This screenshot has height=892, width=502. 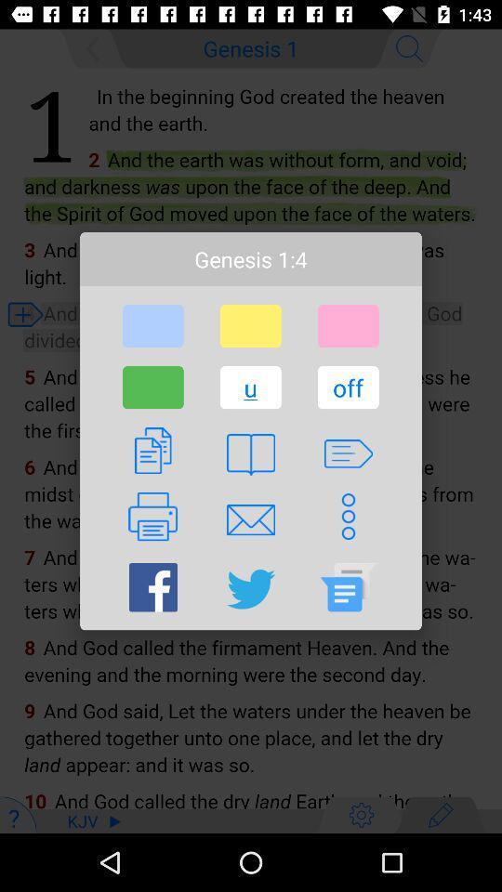 What do you see at coordinates (348, 387) in the screenshot?
I see `the icon next to u icon` at bounding box center [348, 387].